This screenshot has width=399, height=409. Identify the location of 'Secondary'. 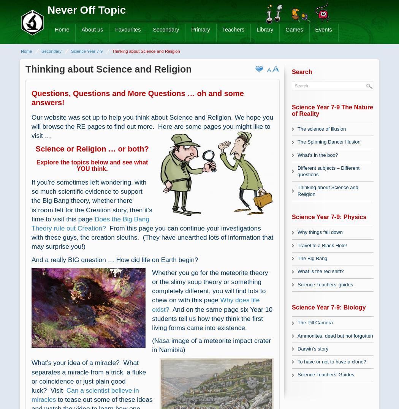
(51, 51).